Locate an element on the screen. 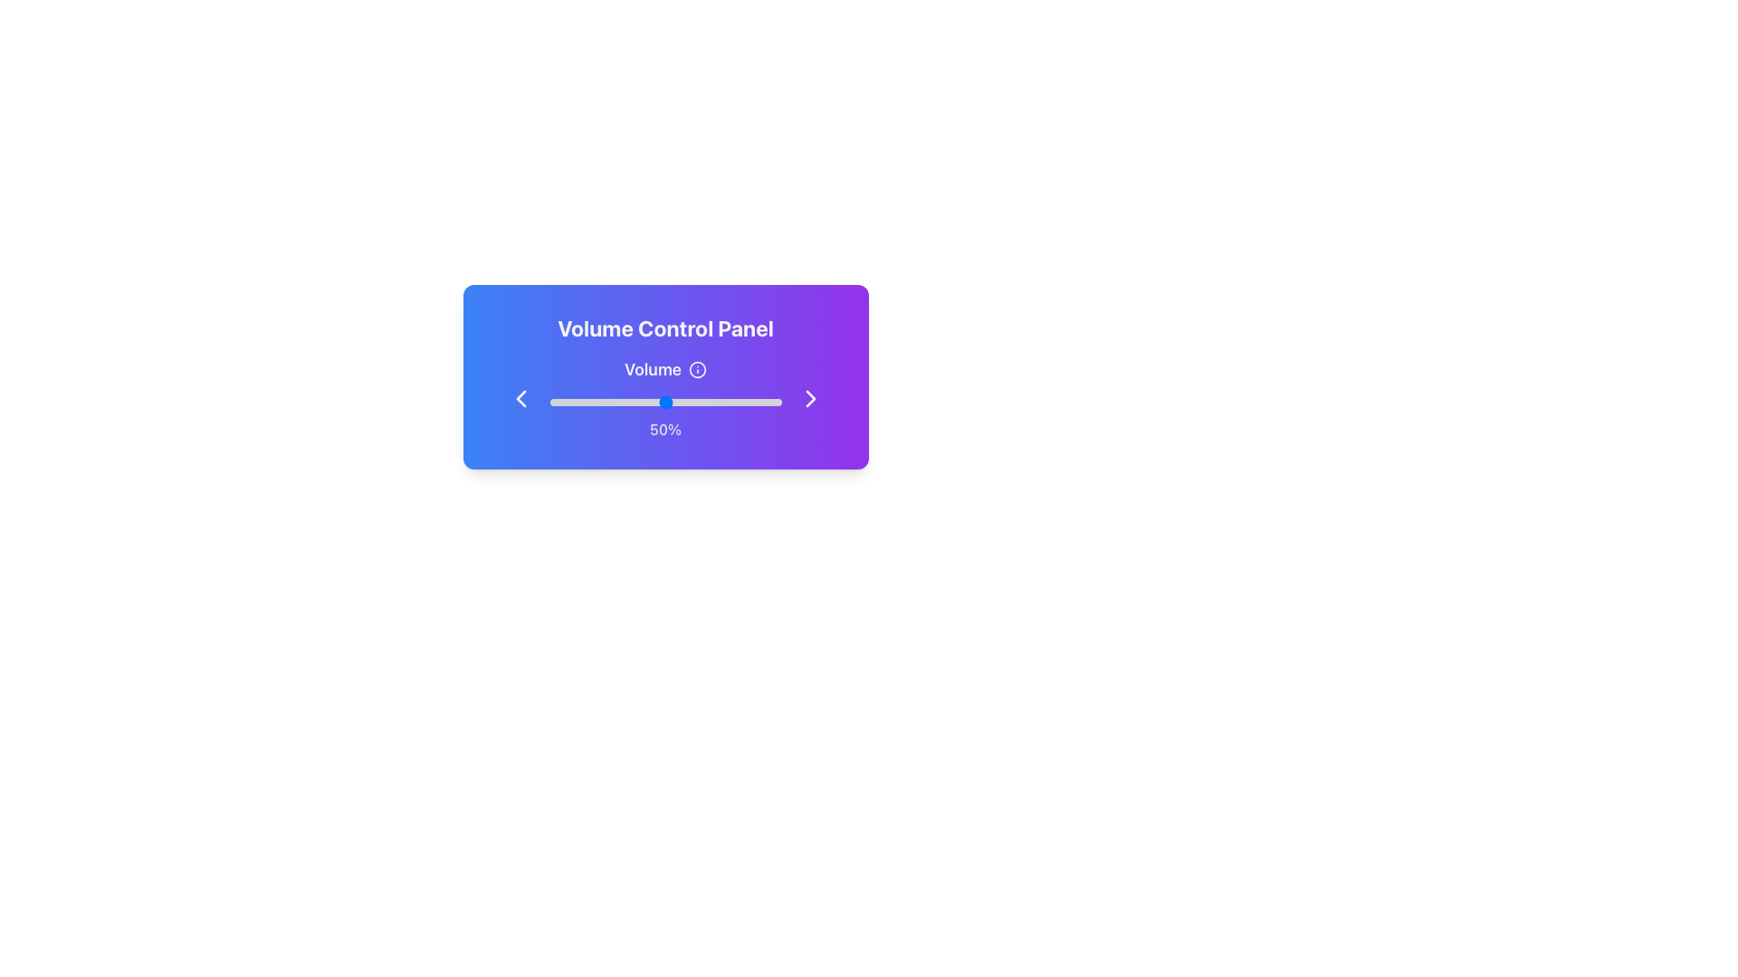 The height and width of the screenshot is (977, 1738). the volume level is located at coordinates (778, 401).